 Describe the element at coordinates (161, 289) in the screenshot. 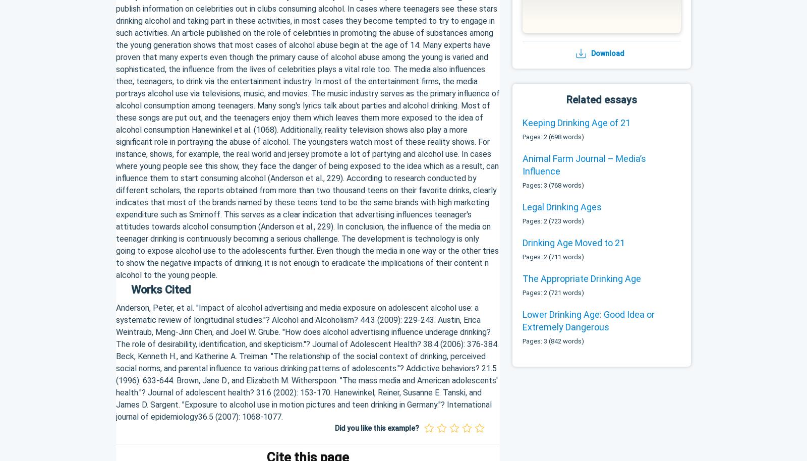

I see `'Works Cited'` at that location.